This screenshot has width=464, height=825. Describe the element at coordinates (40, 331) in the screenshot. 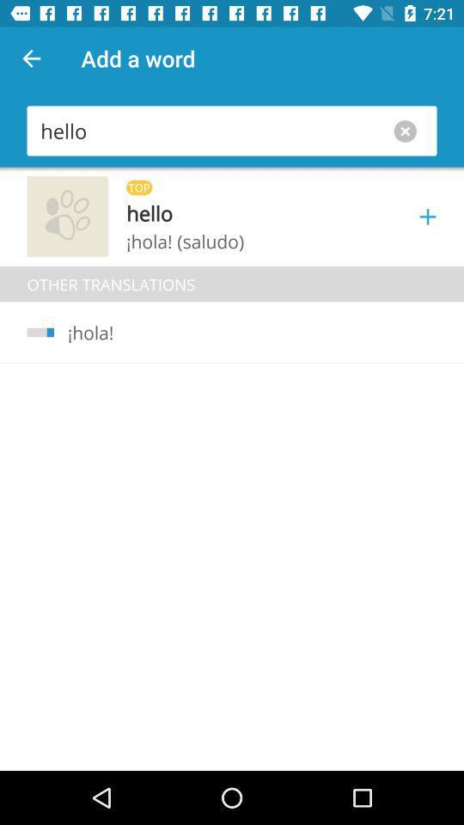

I see `icon below the other translations icon` at that location.